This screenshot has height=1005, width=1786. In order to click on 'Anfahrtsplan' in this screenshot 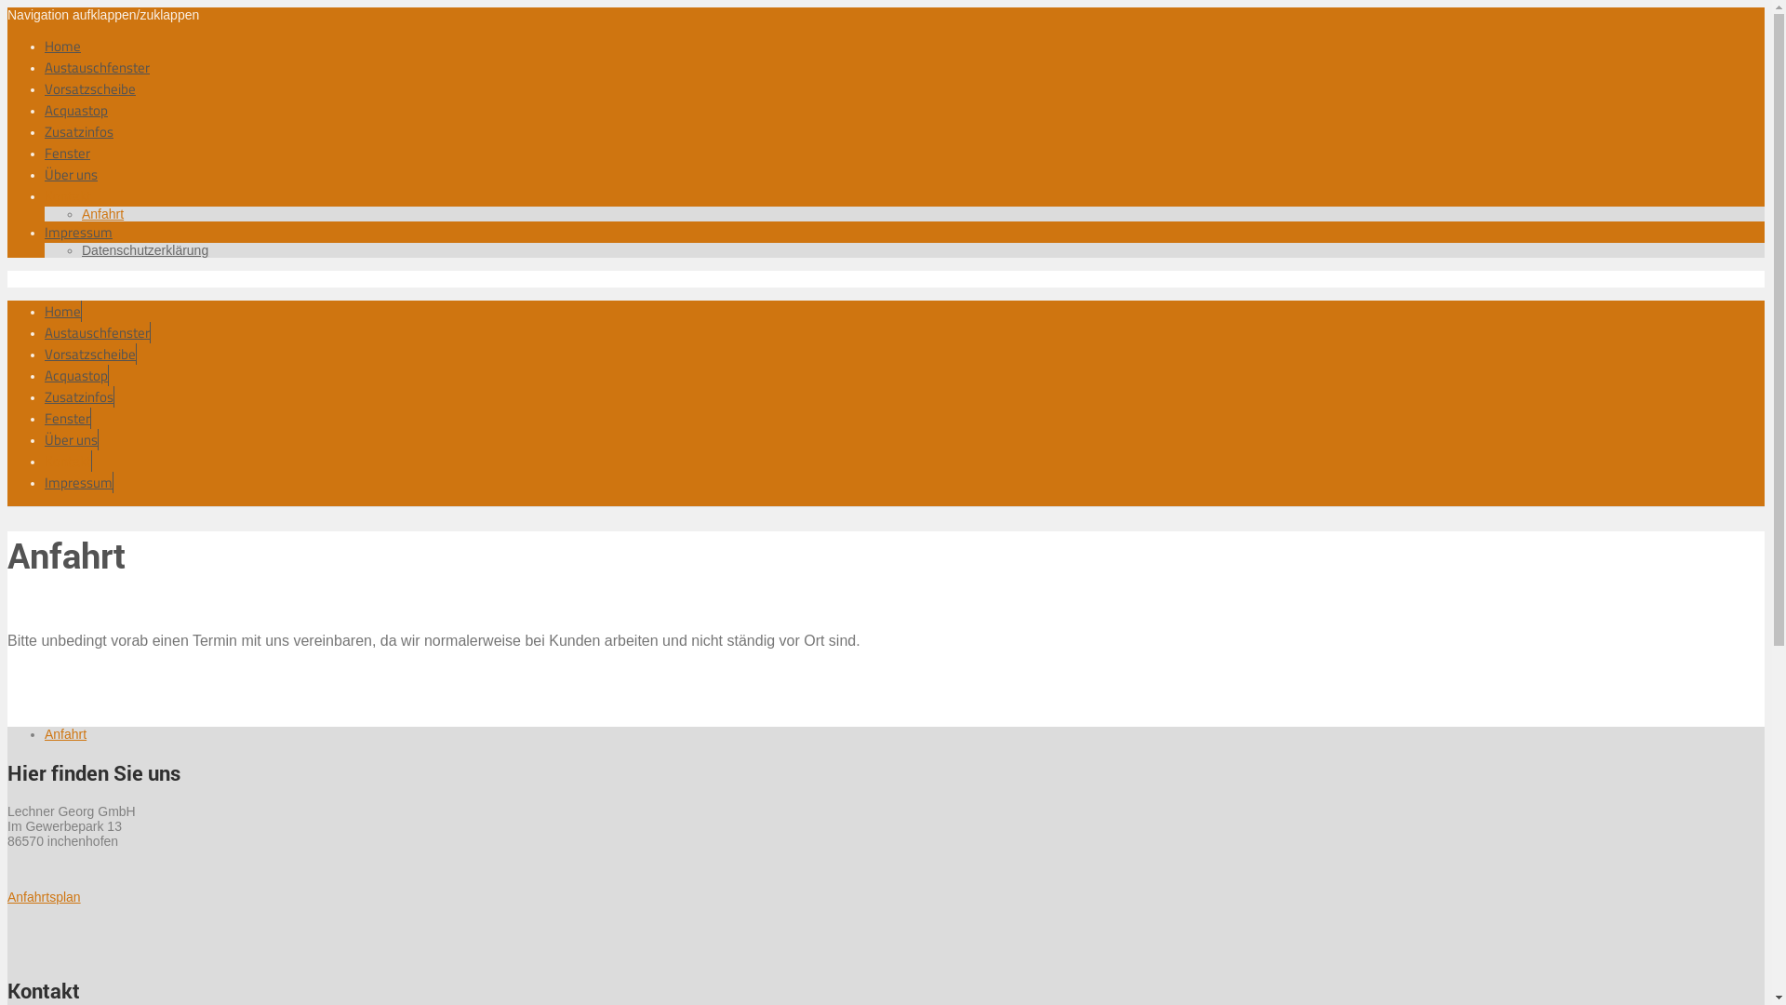, I will do `click(7, 896)`.